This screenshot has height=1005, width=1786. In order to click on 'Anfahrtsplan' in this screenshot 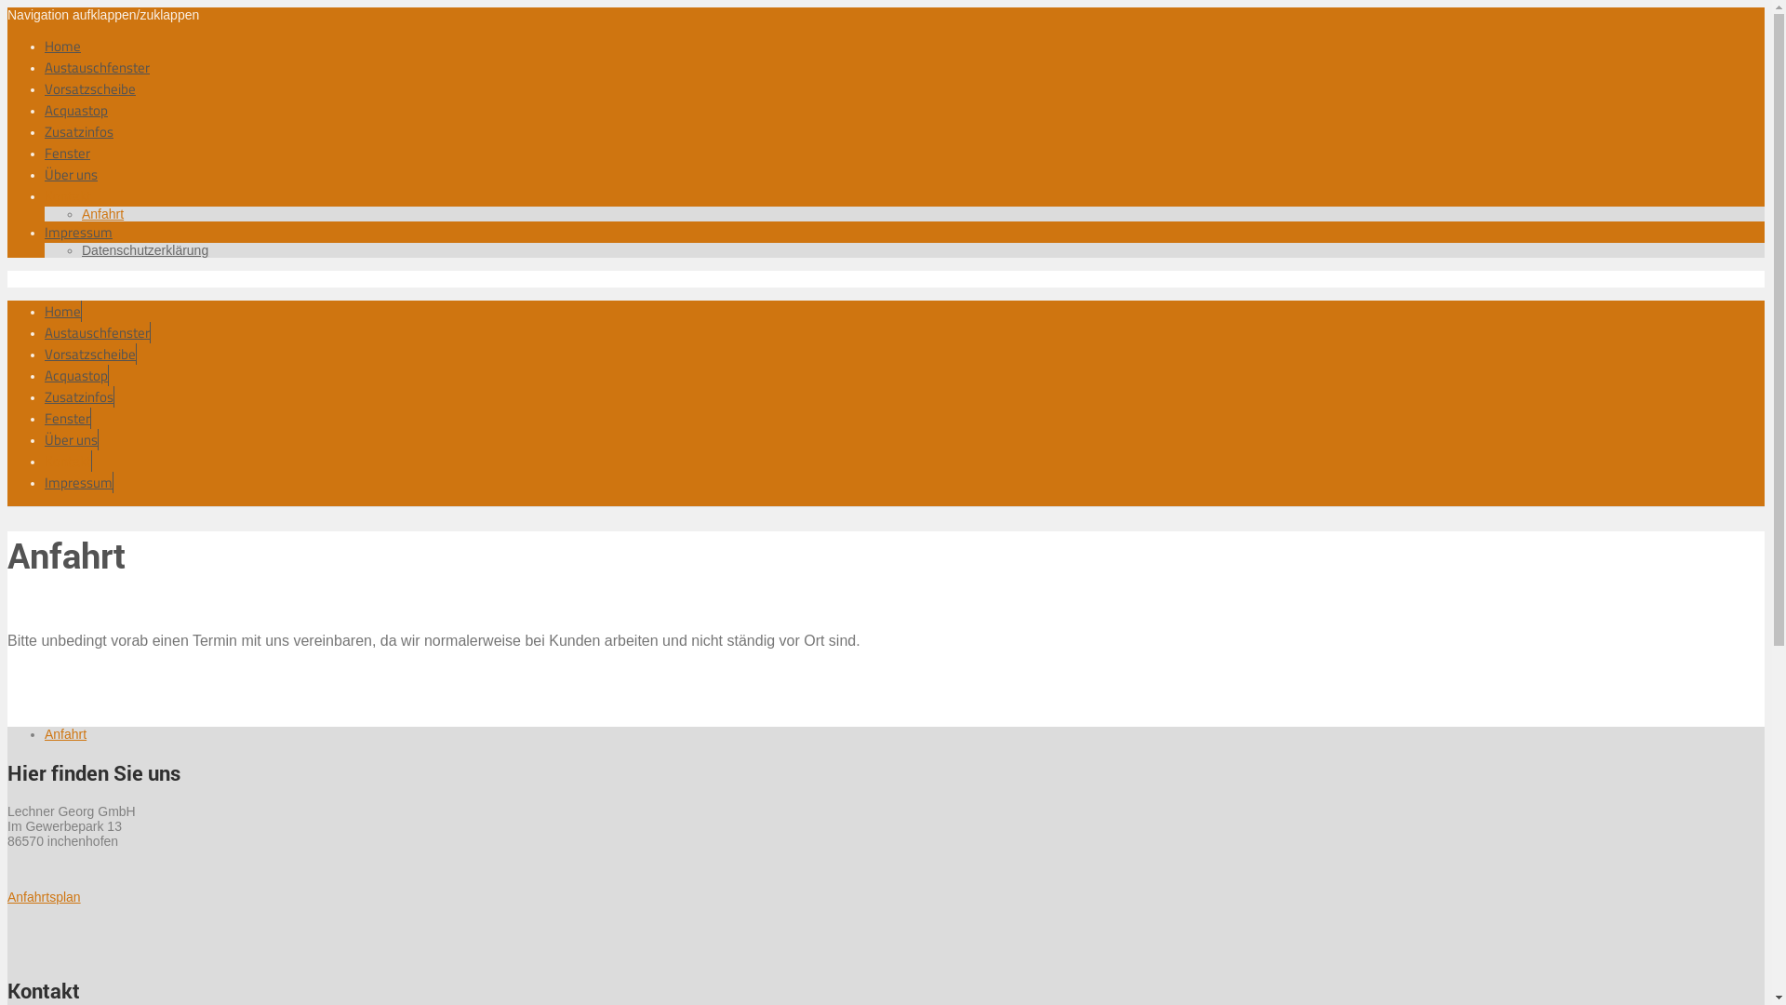, I will do `click(7, 896)`.